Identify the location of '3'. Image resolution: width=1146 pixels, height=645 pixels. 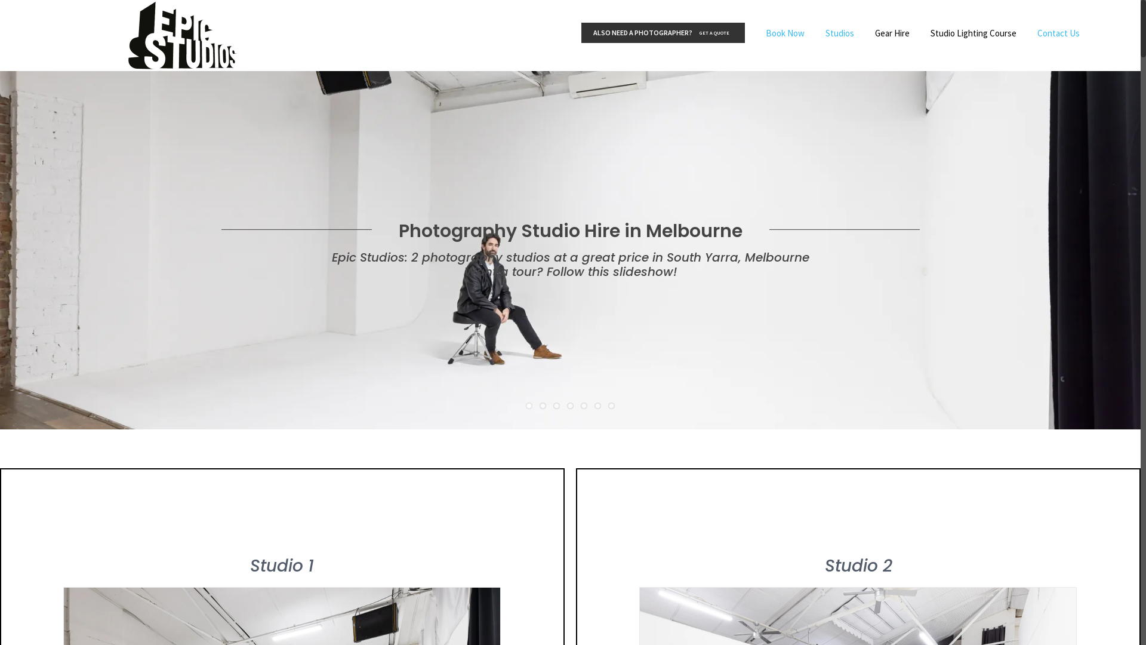
(556, 405).